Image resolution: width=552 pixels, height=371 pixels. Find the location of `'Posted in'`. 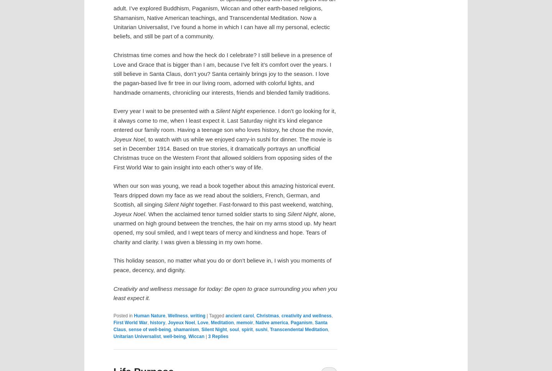

'Posted in' is located at coordinates (123, 315).